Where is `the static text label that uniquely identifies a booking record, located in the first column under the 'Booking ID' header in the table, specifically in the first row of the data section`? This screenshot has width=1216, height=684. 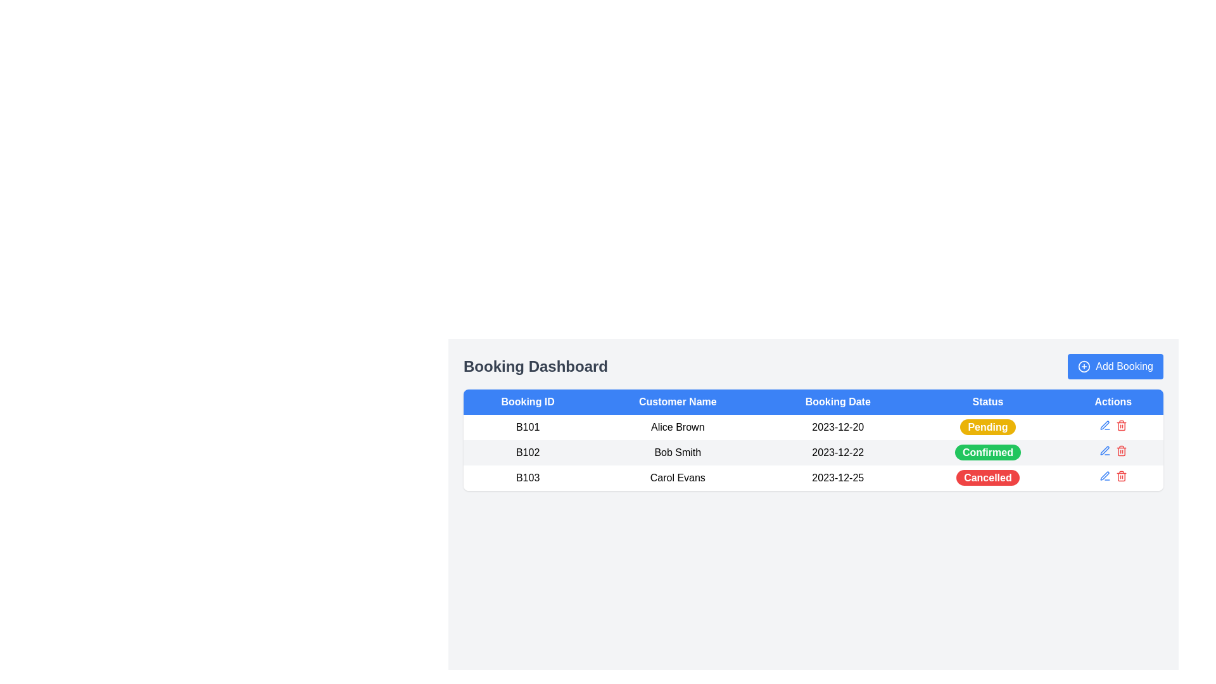
the static text label that uniquely identifies a booking record, located in the first column under the 'Booking ID' header in the table, specifically in the first row of the data section is located at coordinates (528, 427).